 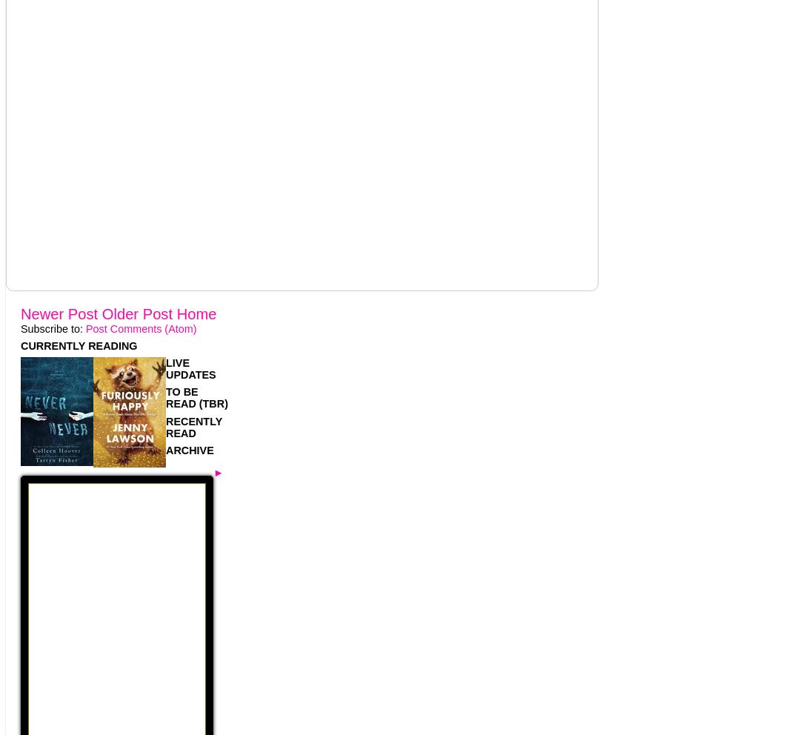 What do you see at coordinates (165, 367) in the screenshot?
I see `'LIVE UPDATES'` at bounding box center [165, 367].